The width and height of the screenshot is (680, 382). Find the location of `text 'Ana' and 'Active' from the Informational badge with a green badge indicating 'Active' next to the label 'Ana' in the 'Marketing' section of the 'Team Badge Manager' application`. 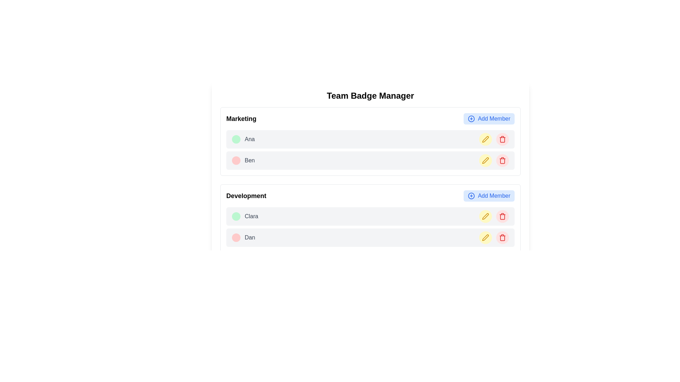

text 'Ana' and 'Active' from the Informational badge with a green badge indicating 'Active' next to the label 'Ana' in the 'Marketing' section of the 'Team Badge Manager' application is located at coordinates (243, 139).